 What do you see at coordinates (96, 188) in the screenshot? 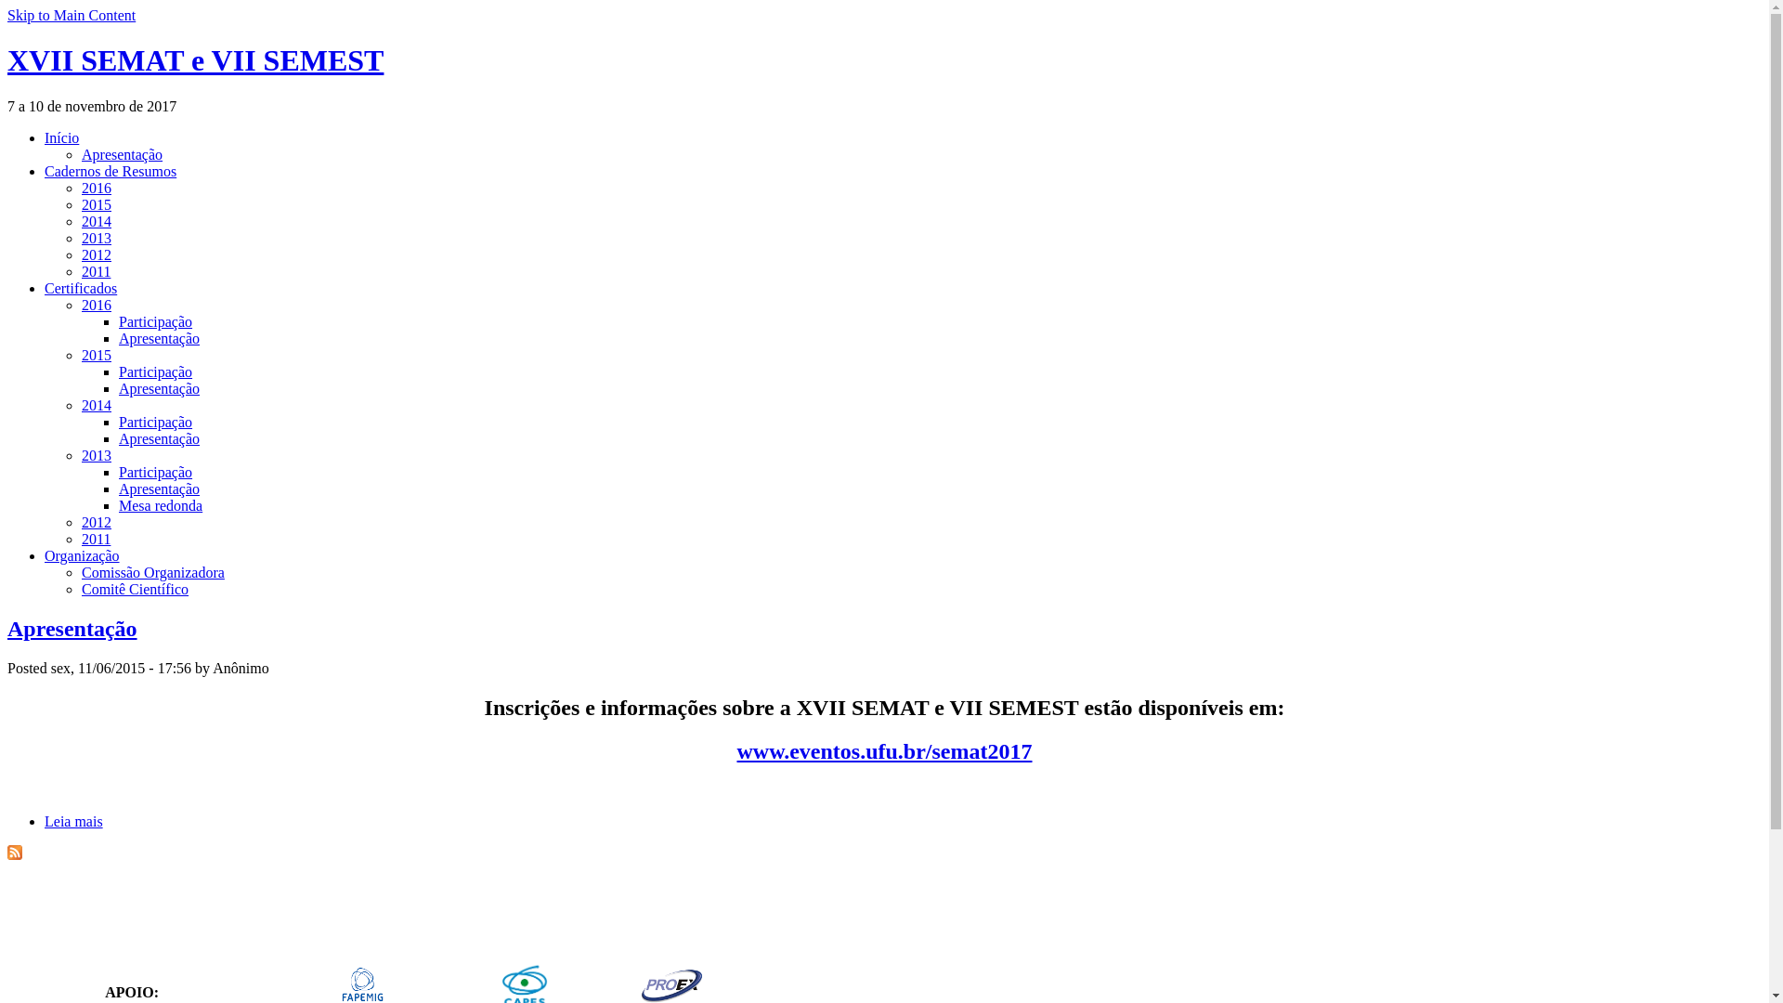
I see `'2016'` at bounding box center [96, 188].